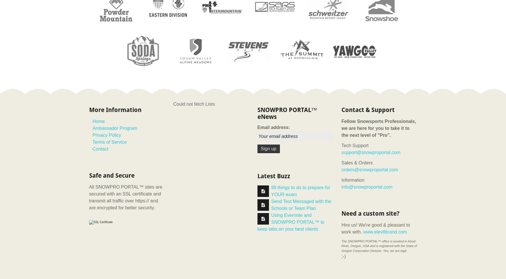 This screenshot has width=506, height=279. What do you see at coordinates (287, 113) in the screenshot?
I see `'SNOWPRO PORTAL™ eNews'` at bounding box center [287, 113].